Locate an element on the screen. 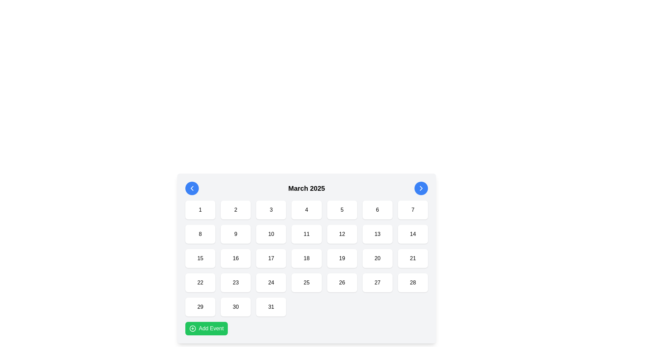  the tile displaying the numeral '6' in a bold, centered font is located at coordinates (377, 210).